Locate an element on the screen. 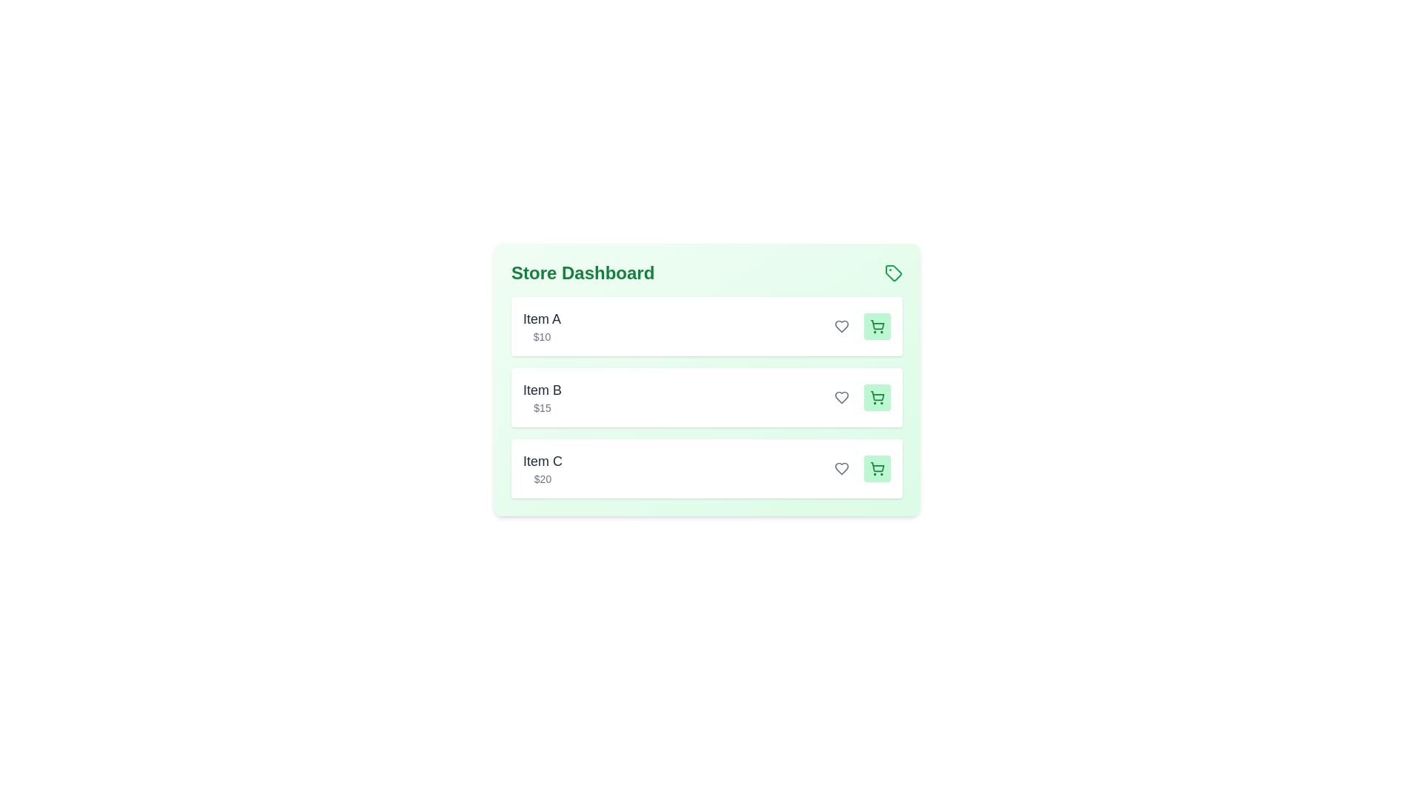  the text label displaying 'Item A' and '$10' in the top left portion of the first card in the vertical list of items, located below the 'Store Dashboard' header is located at coordinates (541, 325).